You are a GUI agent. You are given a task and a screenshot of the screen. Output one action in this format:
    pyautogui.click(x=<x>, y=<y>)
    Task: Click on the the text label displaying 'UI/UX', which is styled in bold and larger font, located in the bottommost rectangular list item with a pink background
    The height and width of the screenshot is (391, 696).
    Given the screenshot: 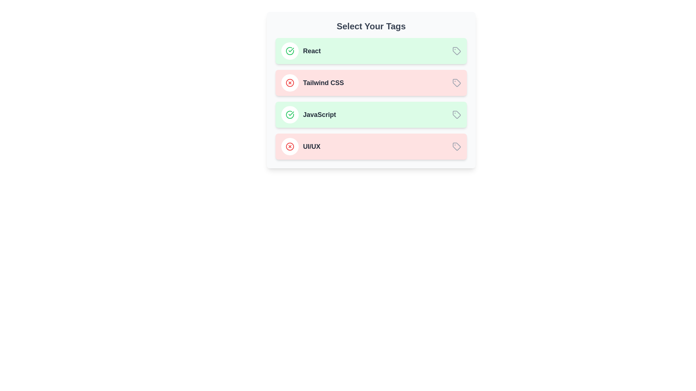 What is the action you would take?
    pyautogui.click(x=311, y=147)
    